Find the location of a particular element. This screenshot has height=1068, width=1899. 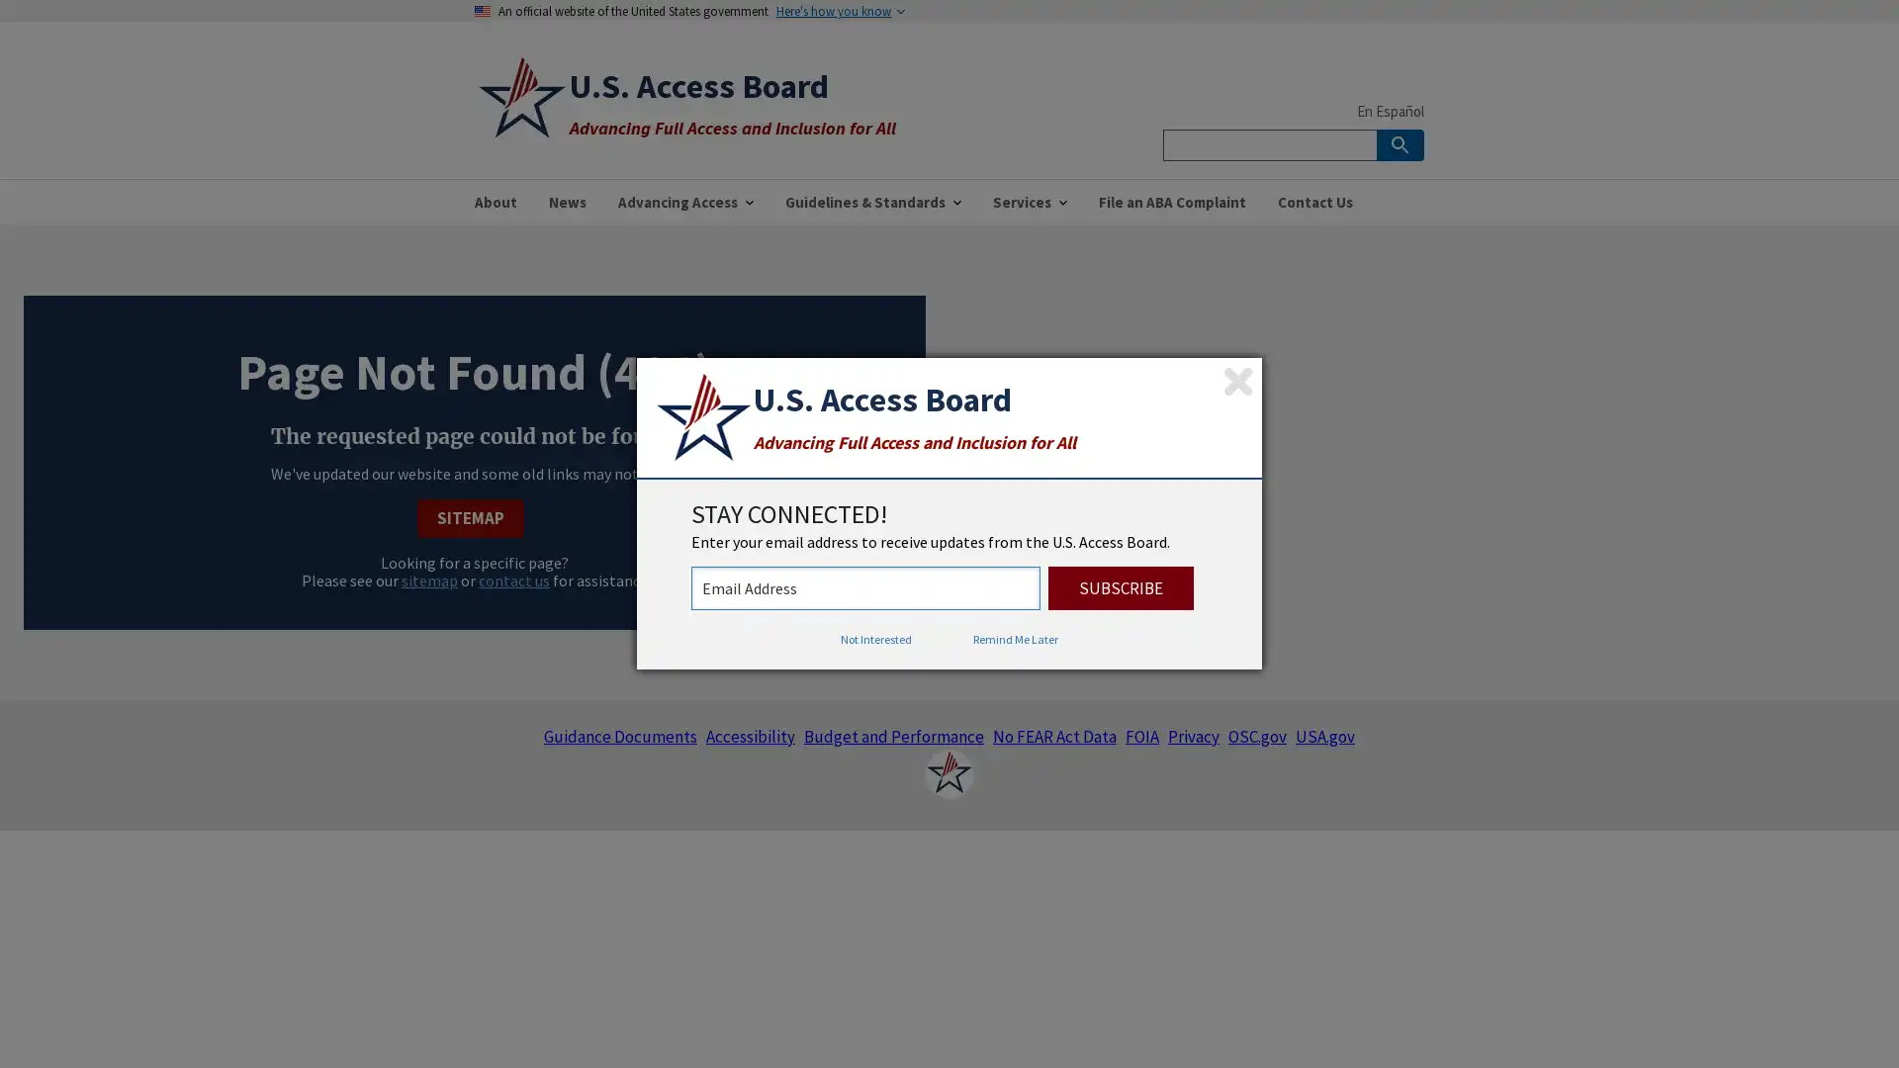

Not Interested is located at coordinates (875, 640).